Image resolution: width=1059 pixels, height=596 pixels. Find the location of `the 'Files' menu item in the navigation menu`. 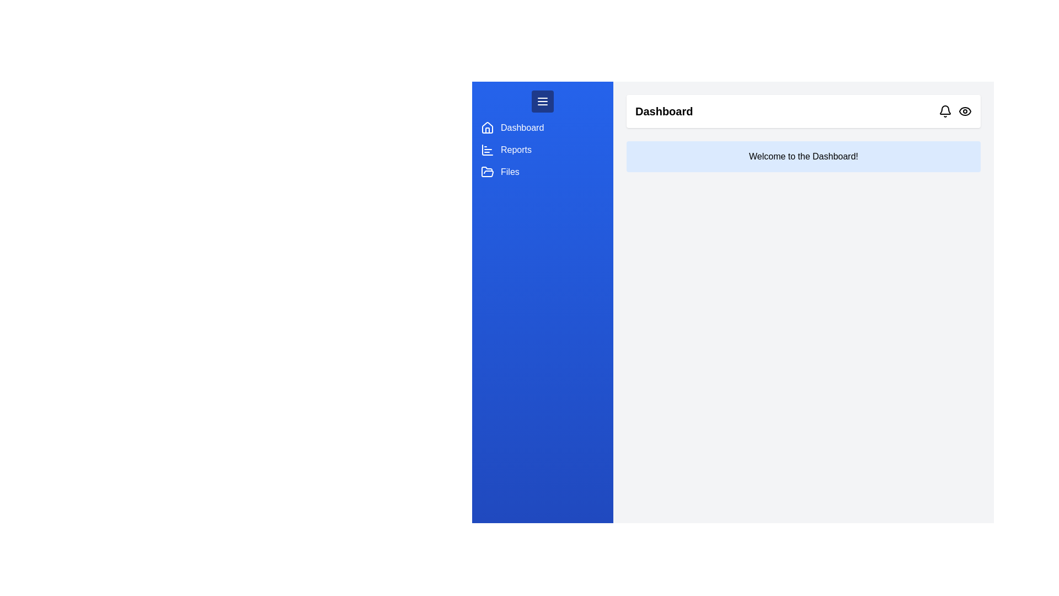

the 'Files' menu item in the navigation menu is located at coordinates (542, 172).